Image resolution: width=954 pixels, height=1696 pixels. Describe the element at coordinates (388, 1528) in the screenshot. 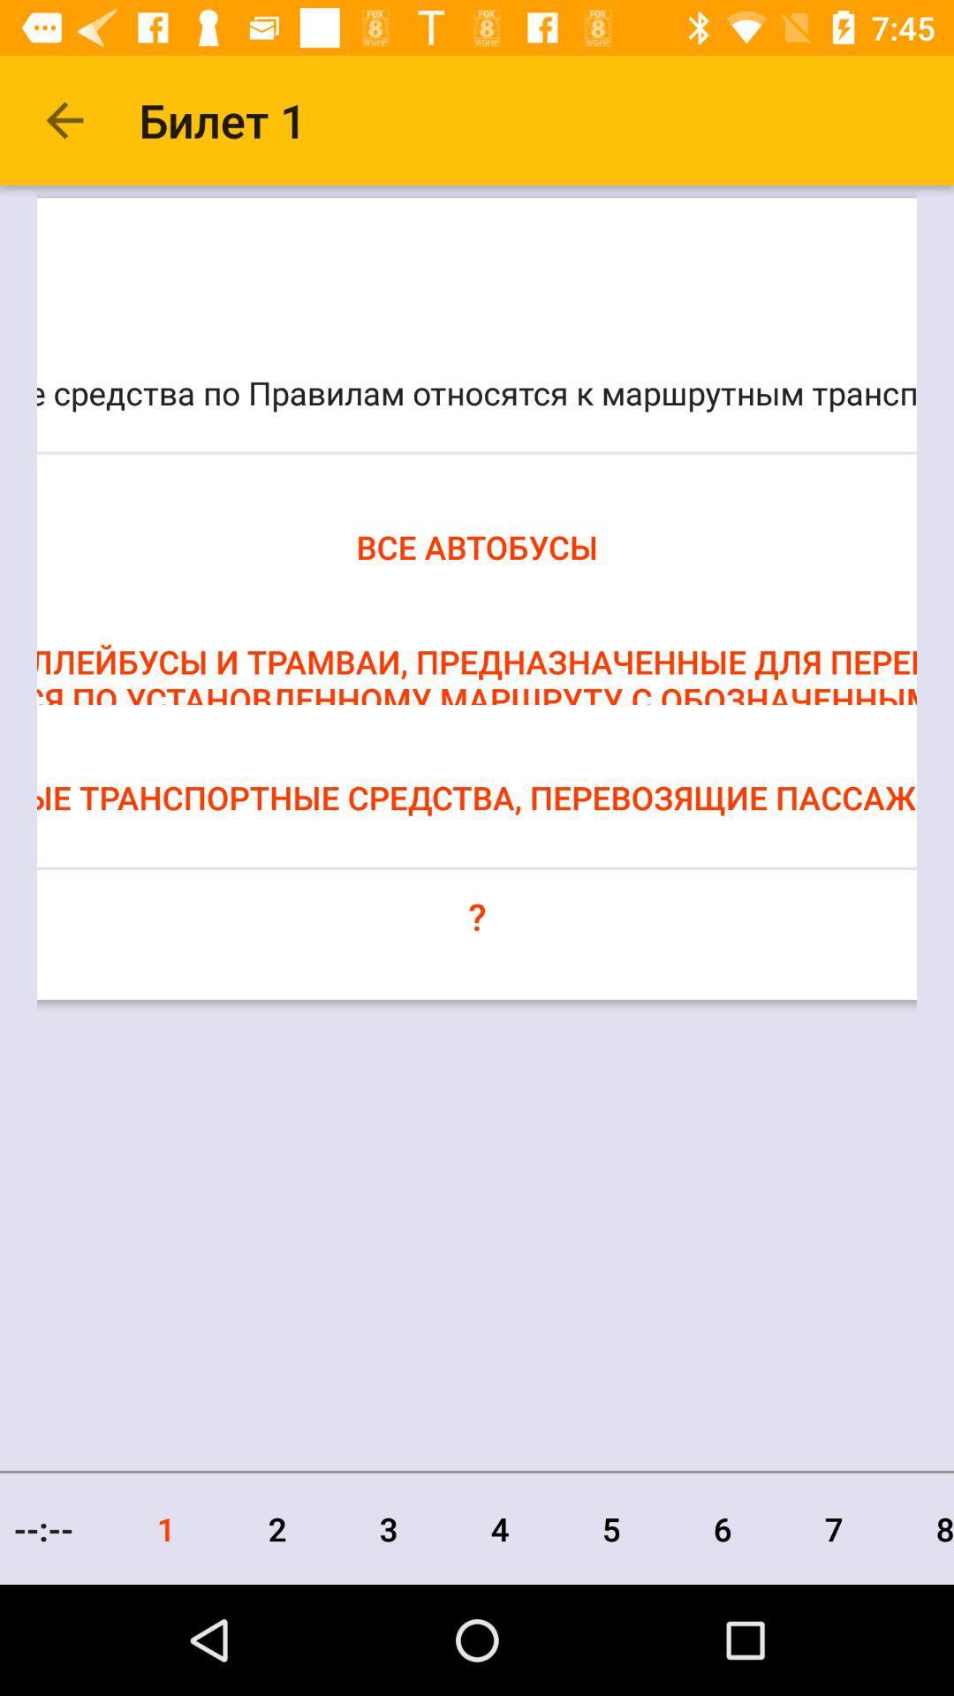

I see `icon to the left of the 4` at that location.